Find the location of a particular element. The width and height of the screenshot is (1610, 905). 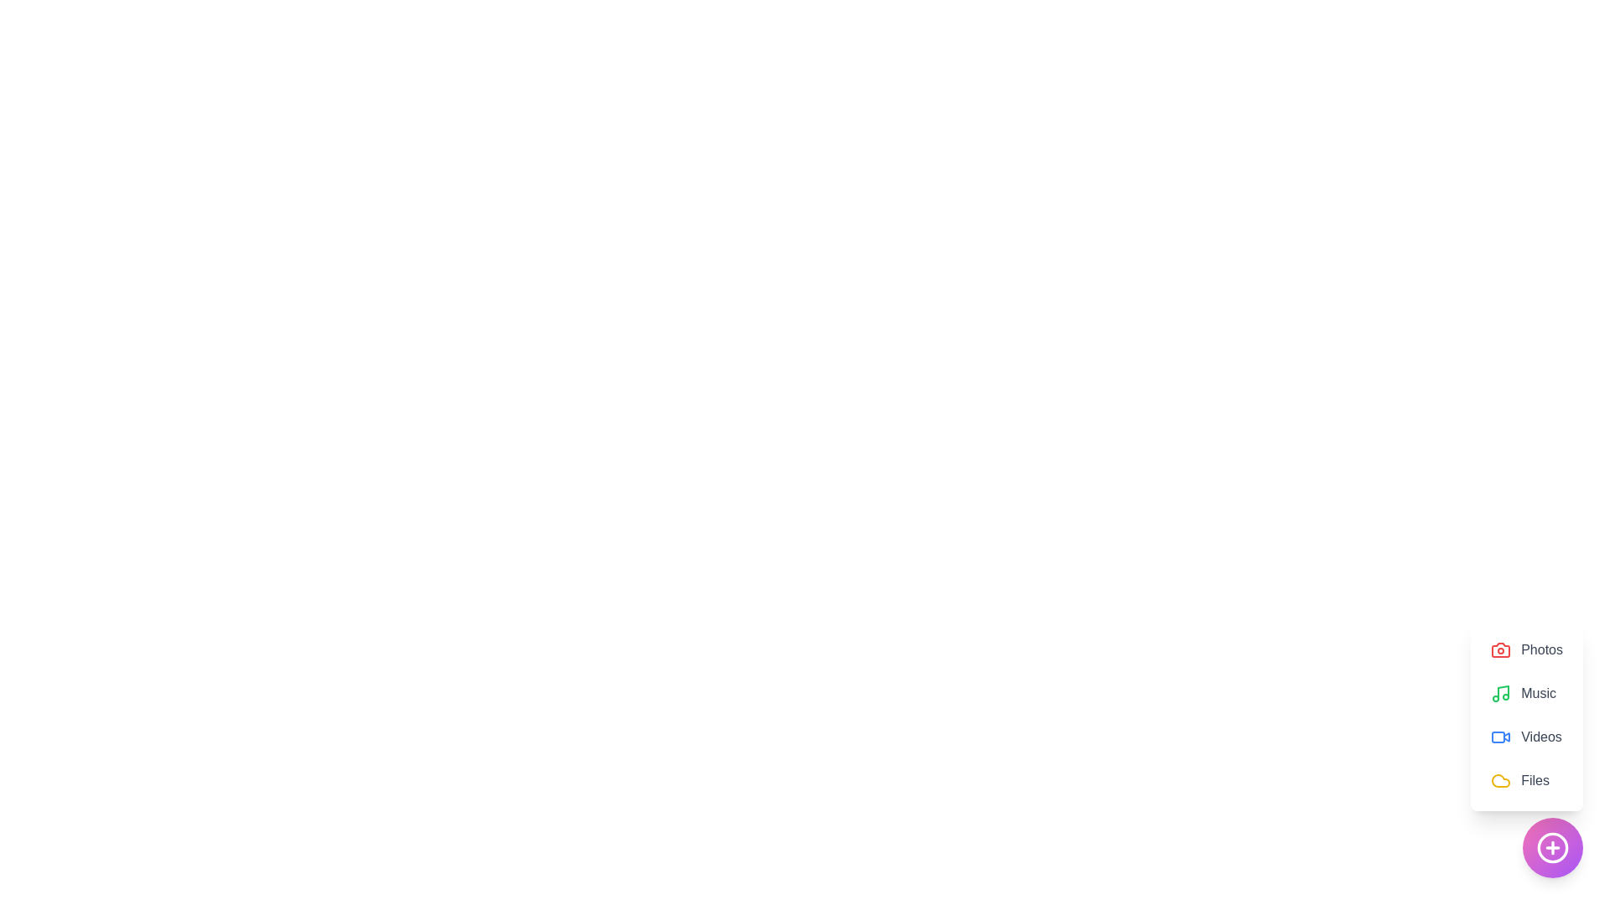

the option Music to select it is located at coordinates (1526, 694).